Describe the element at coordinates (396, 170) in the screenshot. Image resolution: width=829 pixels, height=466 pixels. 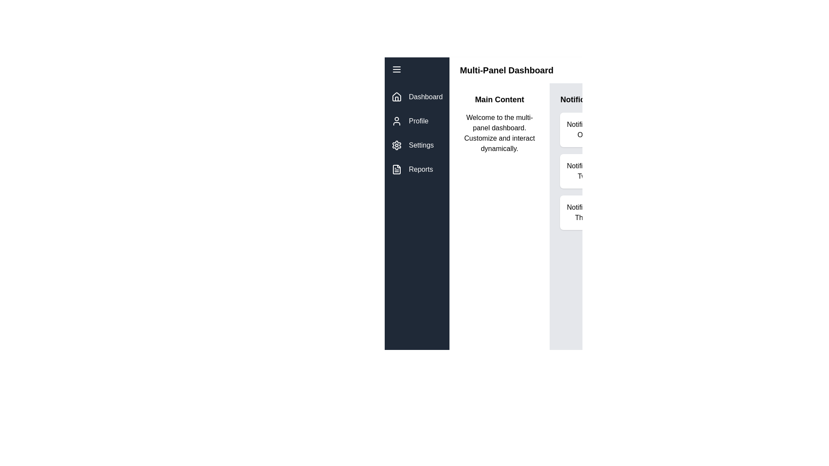
I see `the 'Reports' icon in the navigation menu for accessibility by moving the cursor to its center point` at that location.